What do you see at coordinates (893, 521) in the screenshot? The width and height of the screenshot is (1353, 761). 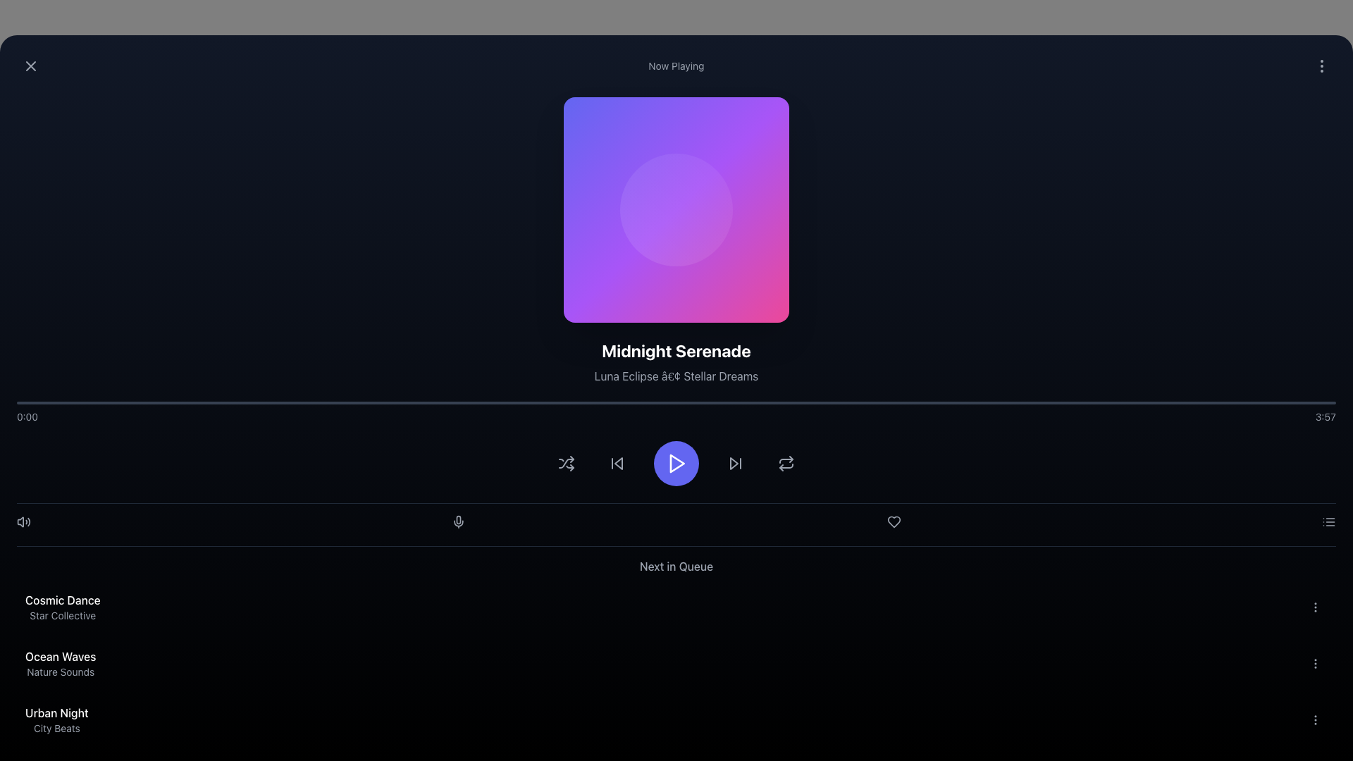 I see `the heart-shaped icon button with a gray color that changes to white upon hover, located towards the right in a horizontal row of interactive elements at the bottom of the interface` at bounding box center [893, 521].